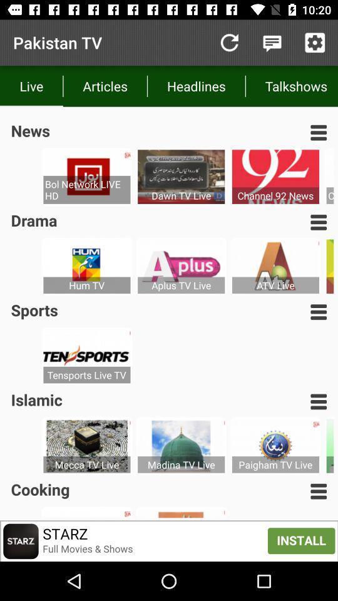  What do you see at coordinates (169, 540) in the screenshot?
I see `advertisement to install starz app` at bounding box center [169, 540].